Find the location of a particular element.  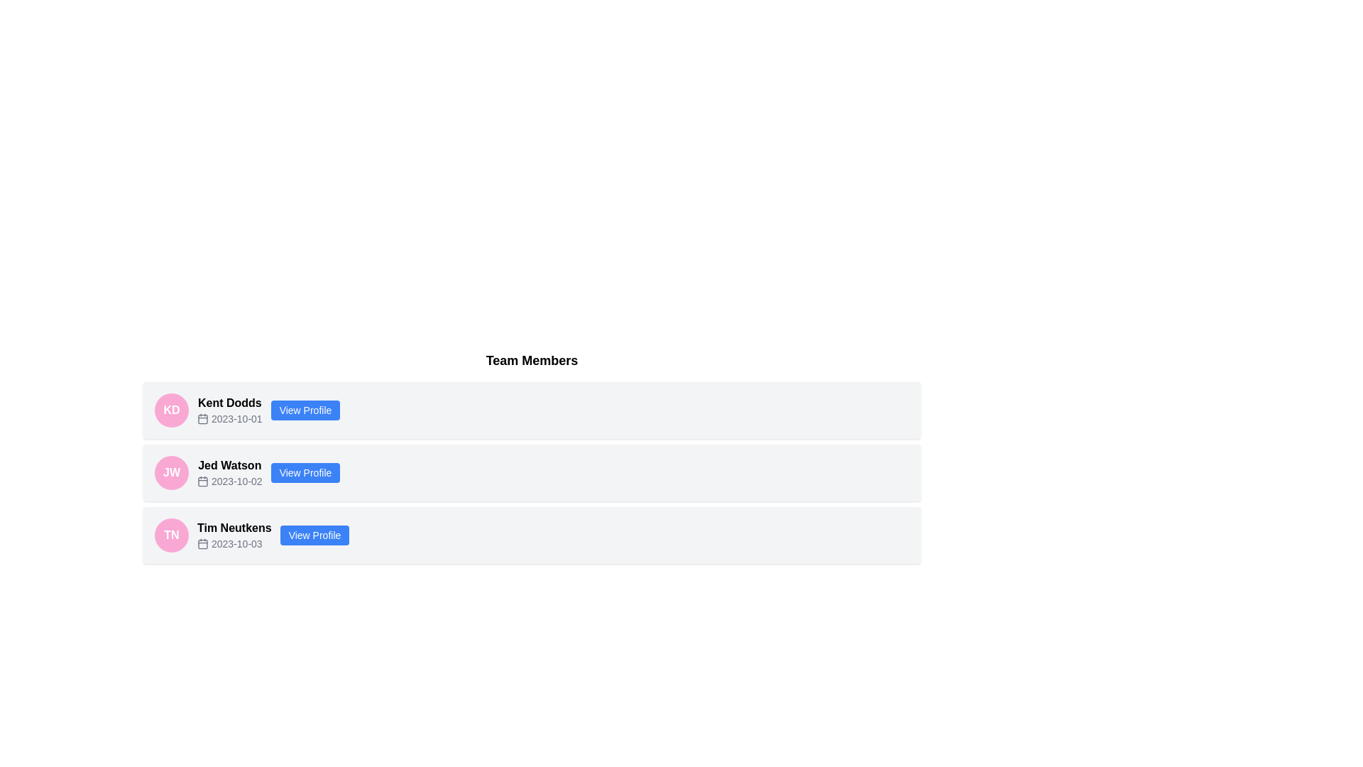

the calendar icon located to the left of the date text '2023-10-02' is located at coordinates (202, 481).